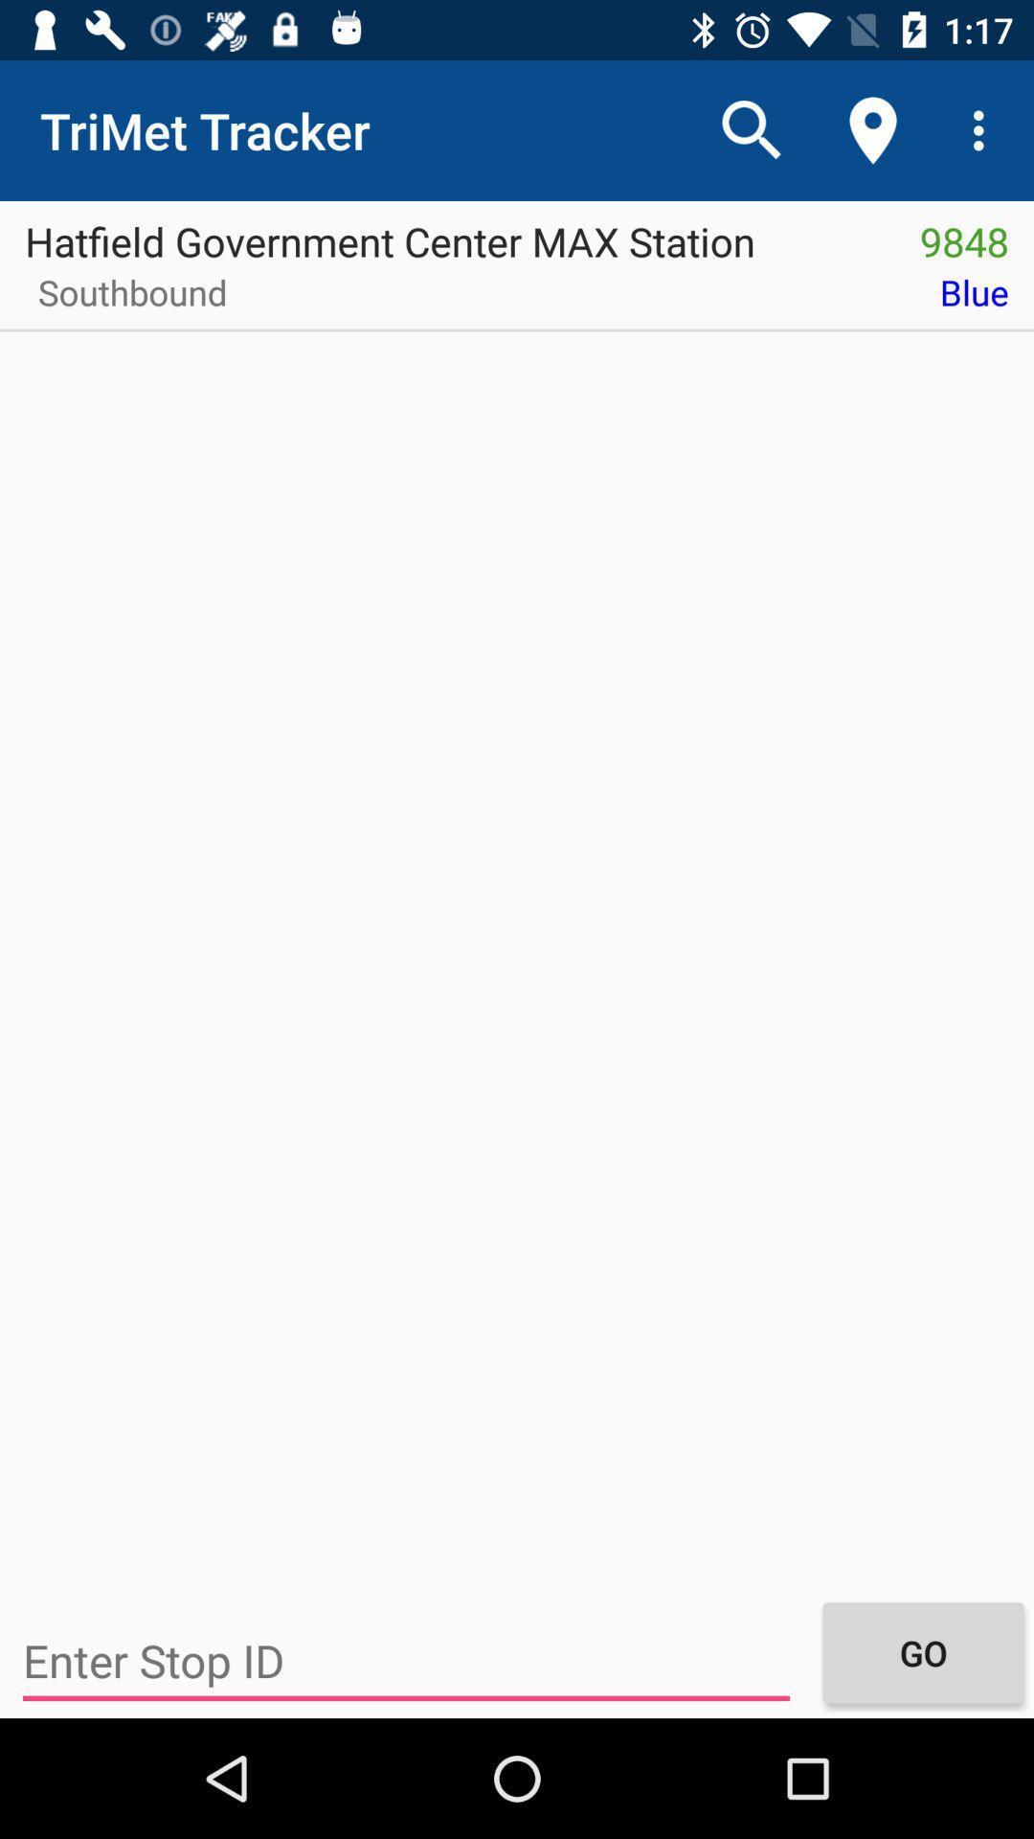  What do you see at coordinates (964, 234) in the screenshot?
I see `9848 icon` at bounding box center [964, 234].